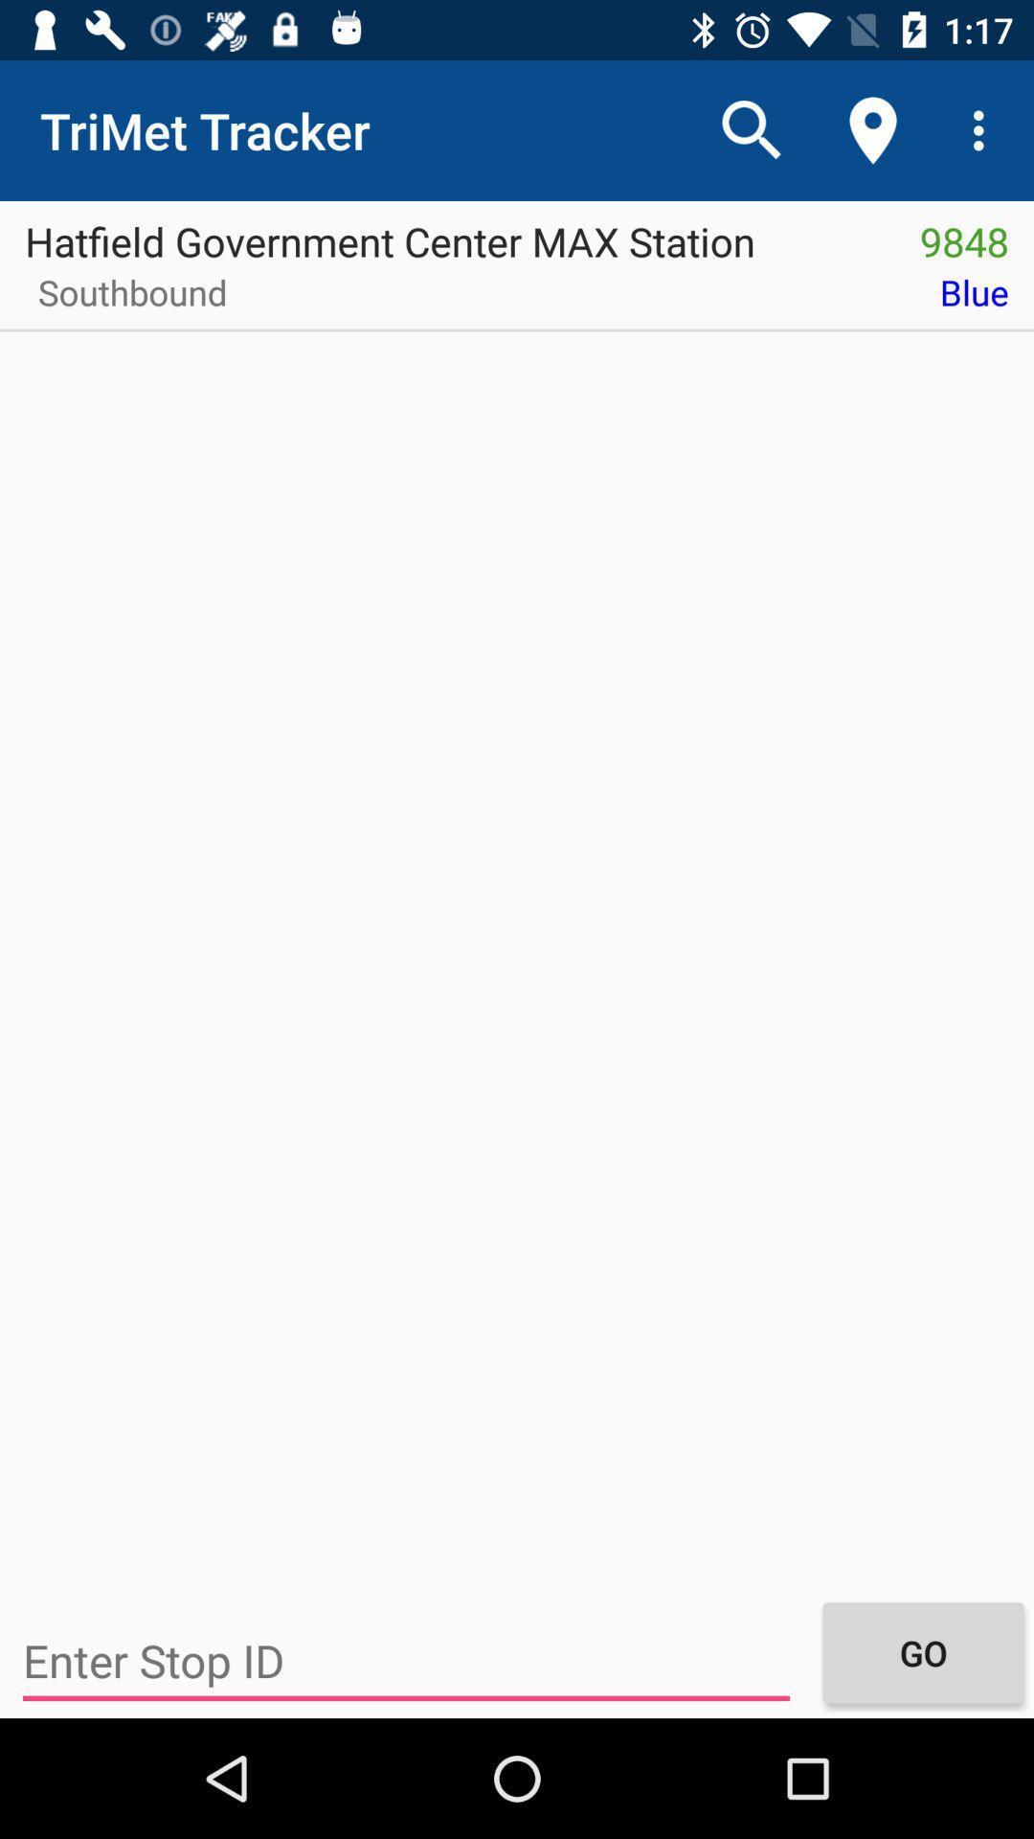  What do you see at coordinates (964, 234) in the screenshot?
I see `9848 icon` at bounding box center [964, 234].